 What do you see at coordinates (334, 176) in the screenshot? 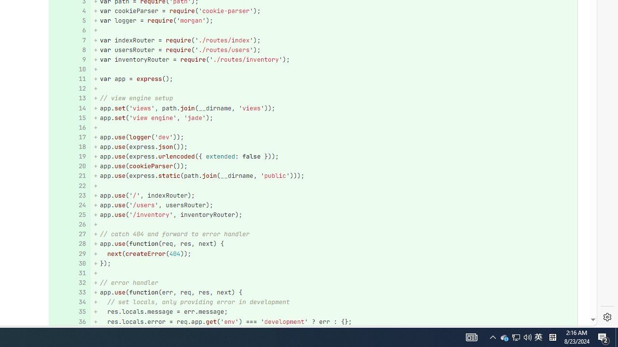
I see `'+ app.use(express.static(path.join(__dirname, '` at bounding box center [334, 176].